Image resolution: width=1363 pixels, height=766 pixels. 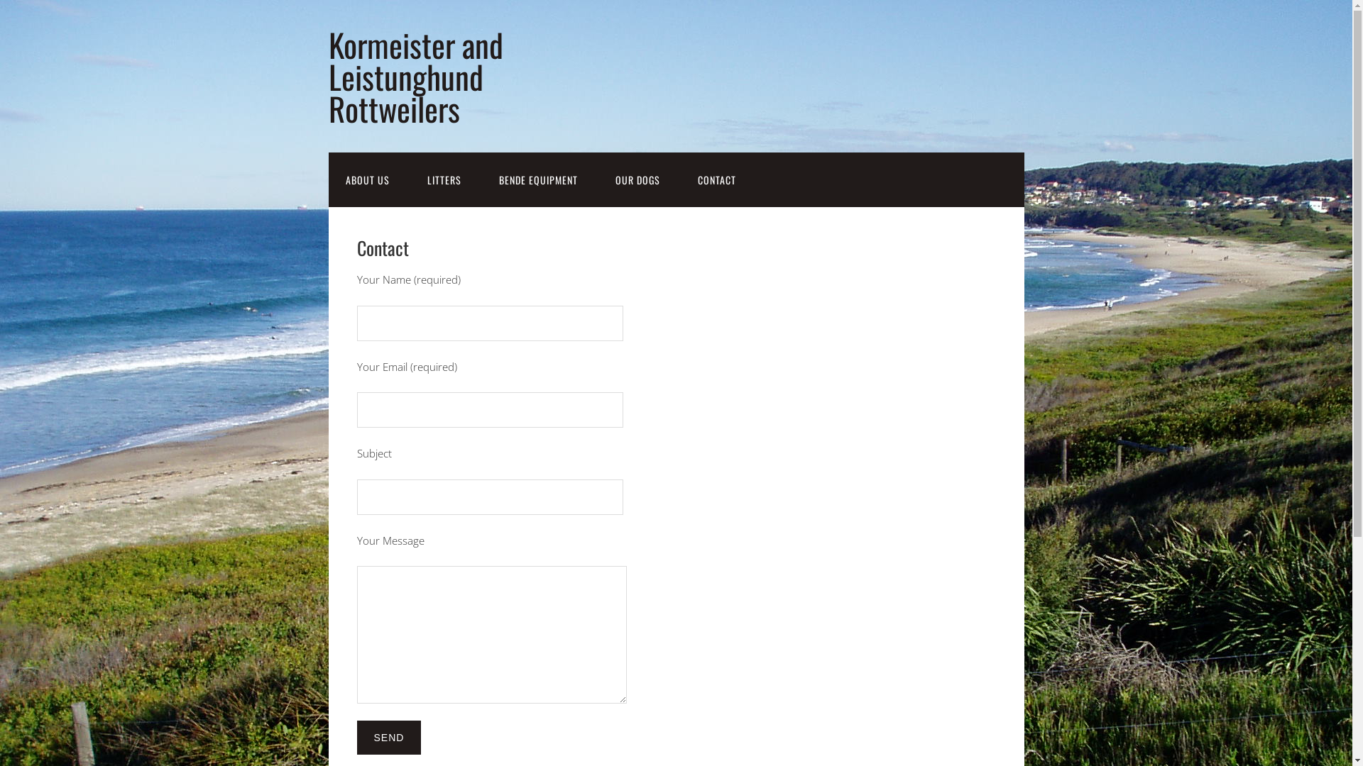 I want to click on 'LITTERS', so click(x=409, y=179).